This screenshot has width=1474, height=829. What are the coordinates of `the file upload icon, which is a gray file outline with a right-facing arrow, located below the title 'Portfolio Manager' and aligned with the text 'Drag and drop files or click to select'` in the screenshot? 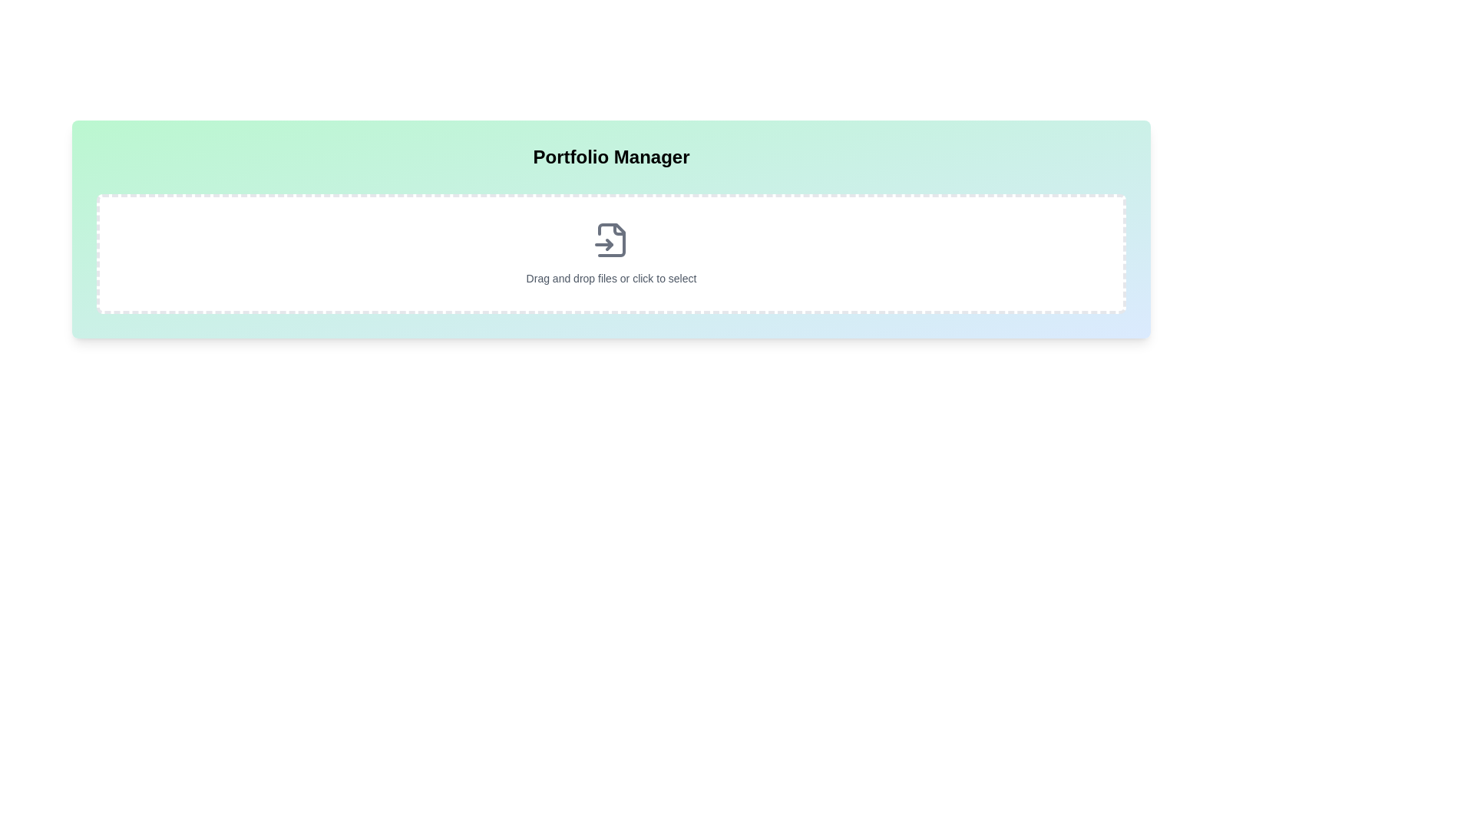 It's located at (610, 239).